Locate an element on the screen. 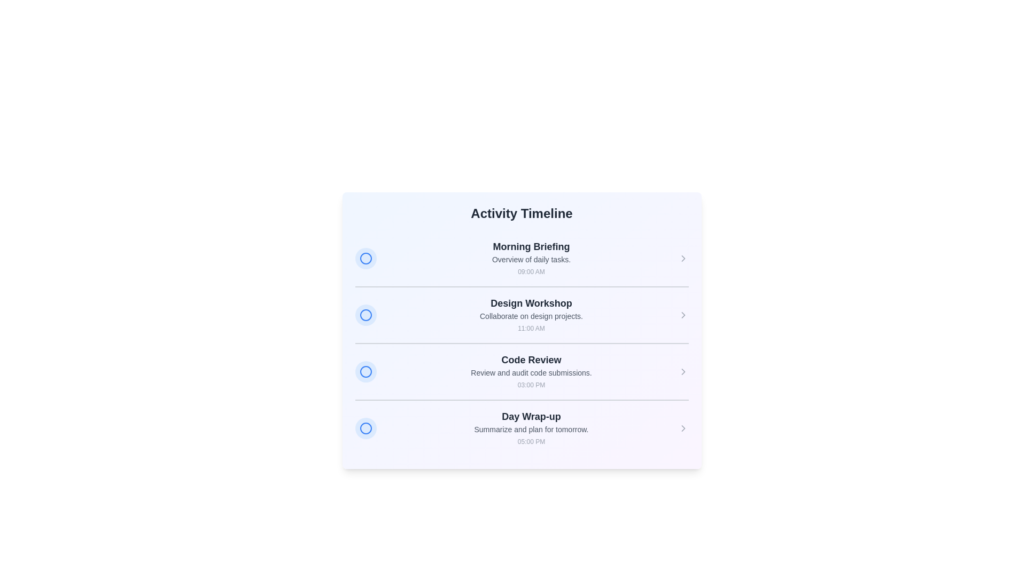  the fourth list item titled 'Day Wrap-up' is located at coordinates (522, 427).